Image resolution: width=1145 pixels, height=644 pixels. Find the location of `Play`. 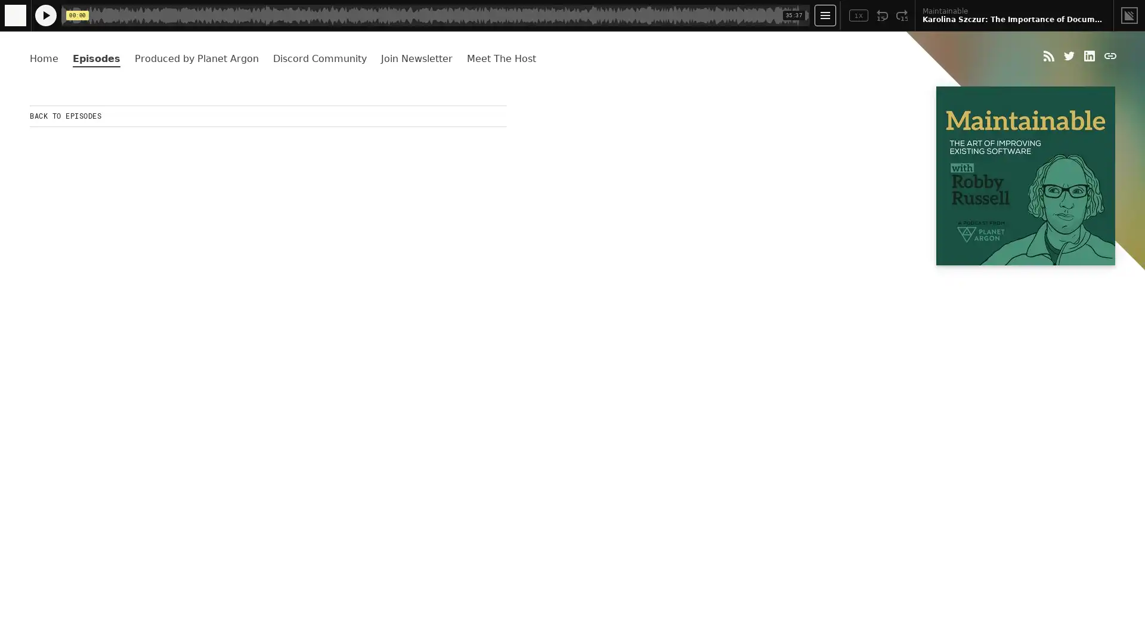

Play is located at coordinates (45, 16).